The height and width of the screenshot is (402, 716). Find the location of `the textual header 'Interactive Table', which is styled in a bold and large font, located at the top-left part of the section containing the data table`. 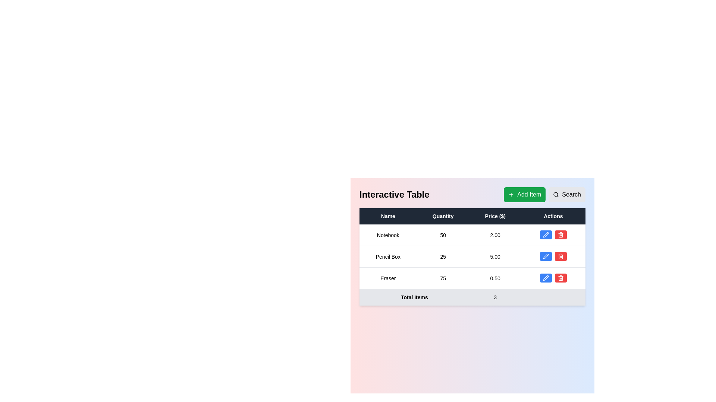

the textual header 'Interactive Table', which is styled in a bold and large font, located at the top-left part of the section containing the data table is located at coordinates (394, 194).